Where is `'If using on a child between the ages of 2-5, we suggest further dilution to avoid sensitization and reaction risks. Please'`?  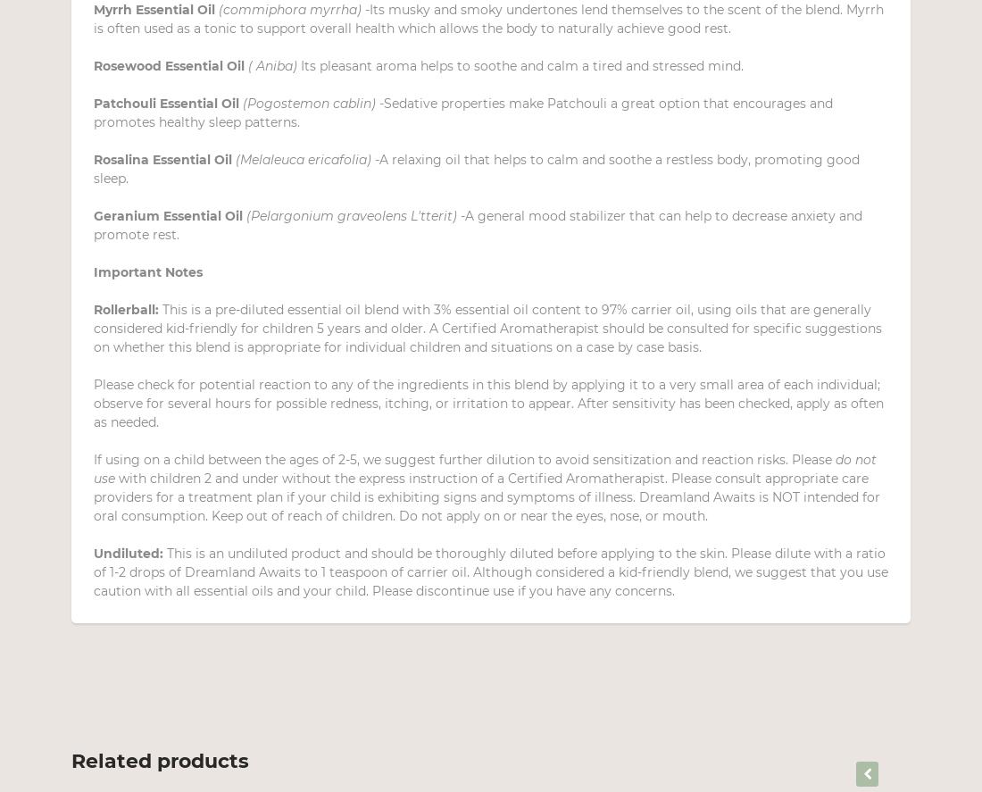 'If using on a child between the ages of 2-5, we suggest further dilution to avoid sensitization and reaction risks. Please' is located at coordinates (464, 459).